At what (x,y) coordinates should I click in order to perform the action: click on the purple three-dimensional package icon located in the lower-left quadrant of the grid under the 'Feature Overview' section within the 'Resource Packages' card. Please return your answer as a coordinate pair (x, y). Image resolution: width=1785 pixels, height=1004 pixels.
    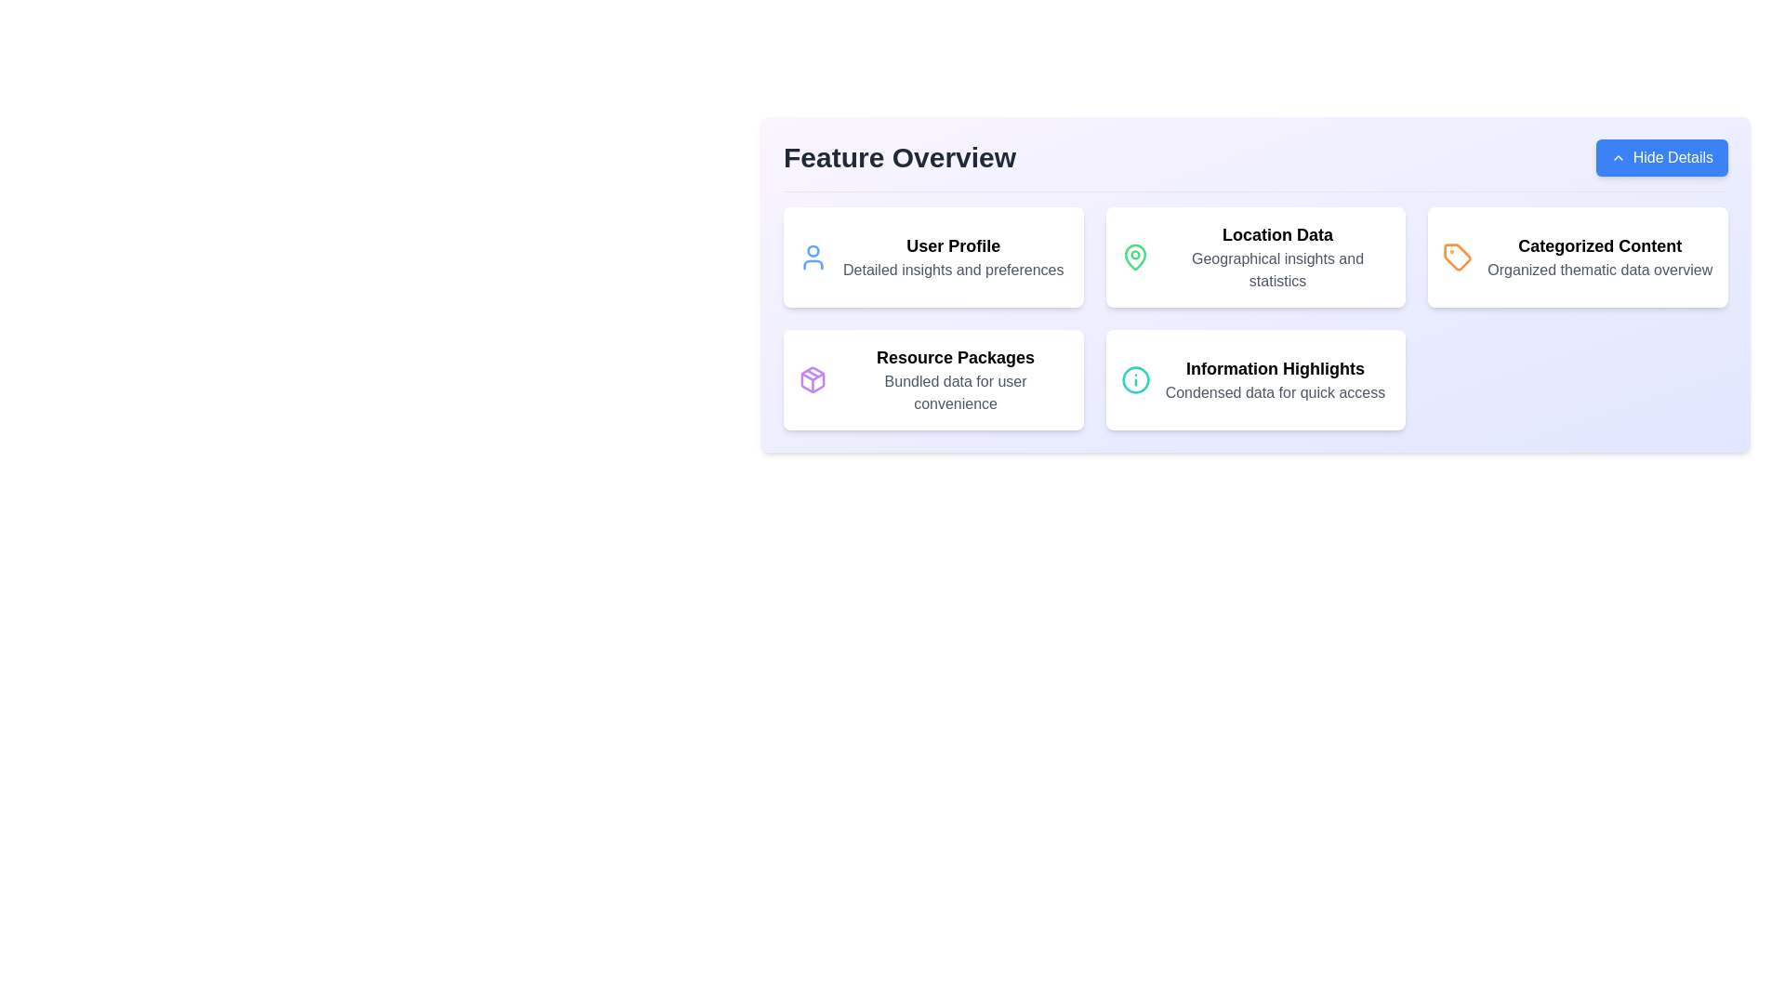
    Looking at the image, I should click on (813, 378).